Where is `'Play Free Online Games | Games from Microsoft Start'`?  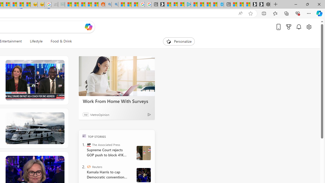 'Play Free Online Games | Games from Microsoft Start' is located at coordinates (260, 4).